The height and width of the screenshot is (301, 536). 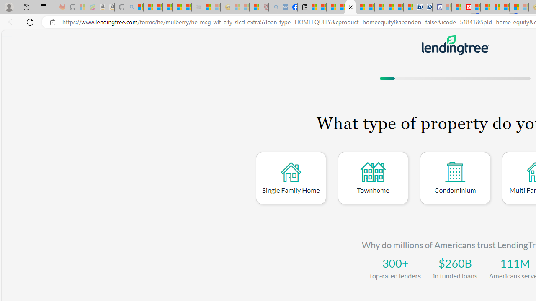 What do you see at coordinates (427, 7) in the screenshot?
I see `'Cheap Hotels - Save70.com'` at bounding box center [427, 7].